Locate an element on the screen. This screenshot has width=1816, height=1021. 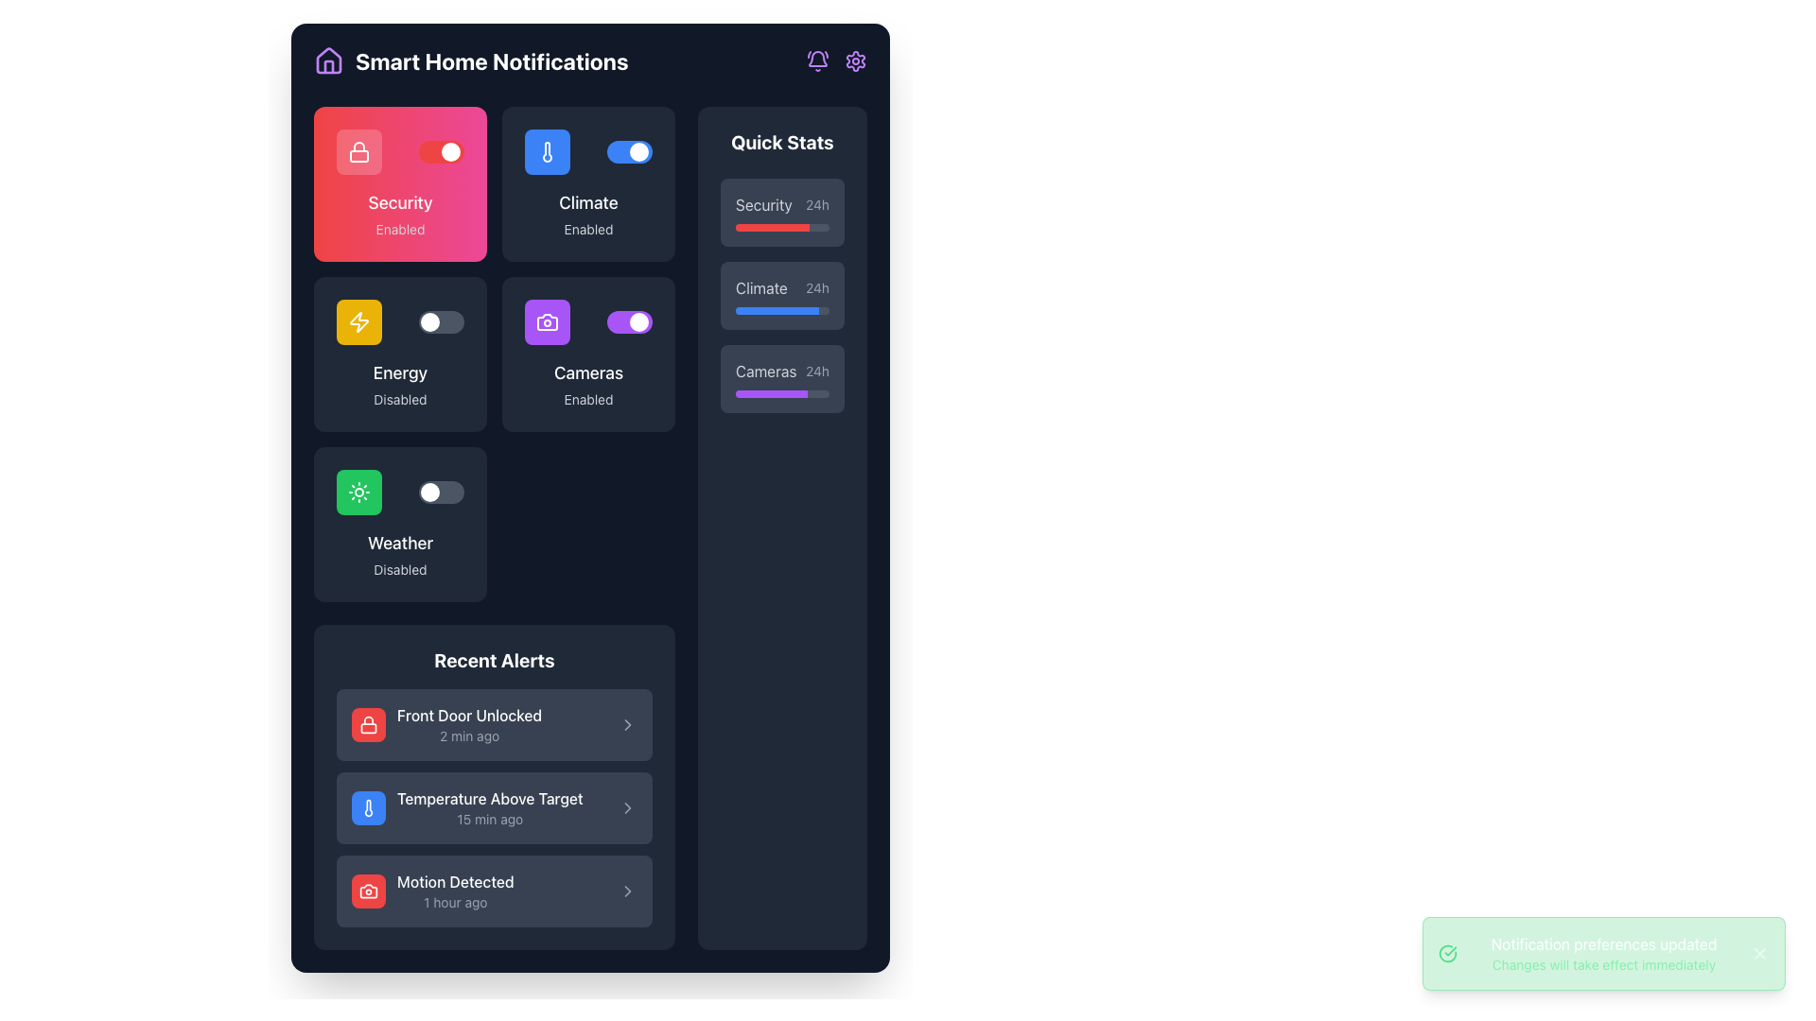
the 'Cameras' text label, which is displayed in a grayish font as part of the statistics section on a dark background, positioned above the '24h' label in the 'Quick Stats' section is located at coordinates (766, 372).